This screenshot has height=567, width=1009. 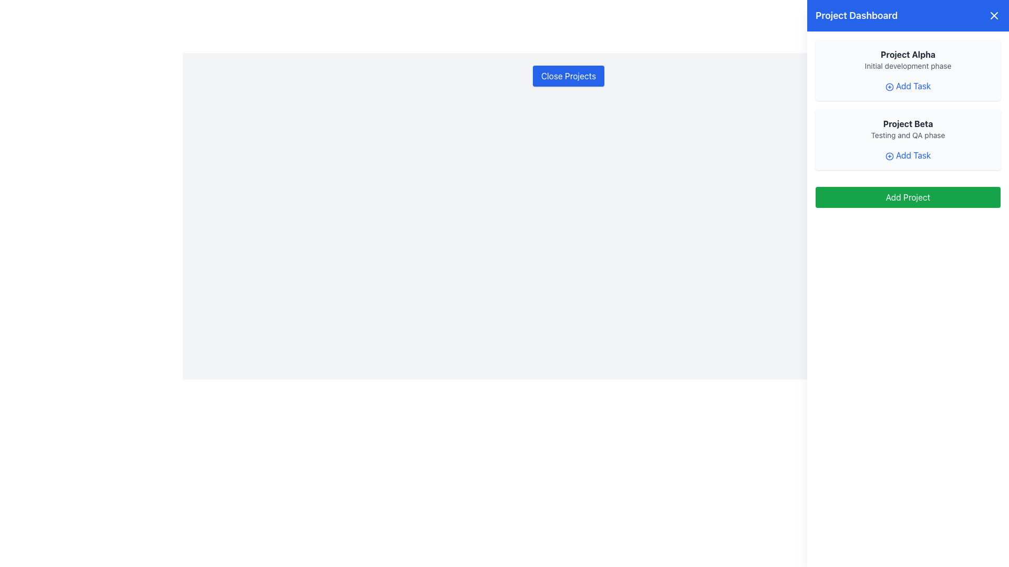 What do you see at coordinates (908, 86) in the screenshot?
I see `the 'Add Task' button in the 'Project Alpha' section of the sidebar` at bounding box center [908, 86].